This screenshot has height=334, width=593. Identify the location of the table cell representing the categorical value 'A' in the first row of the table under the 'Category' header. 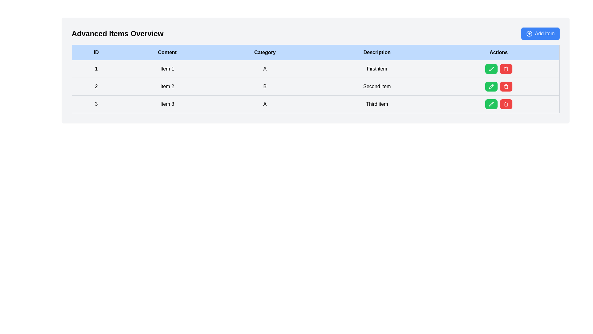
(265, 69).